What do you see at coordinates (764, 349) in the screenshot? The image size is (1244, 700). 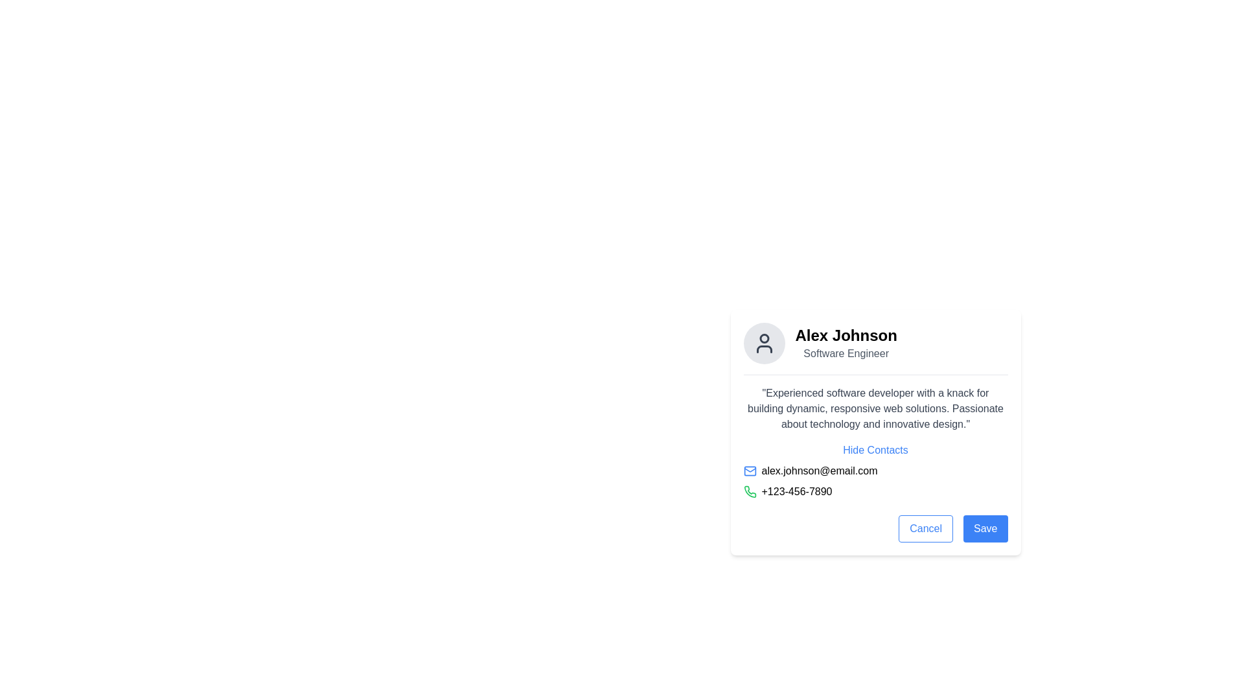 I see `the chest icon of the avatar representation, which is located at the lower part of the avatar graphic, just under the user's head` at bounding box center [764, 349].